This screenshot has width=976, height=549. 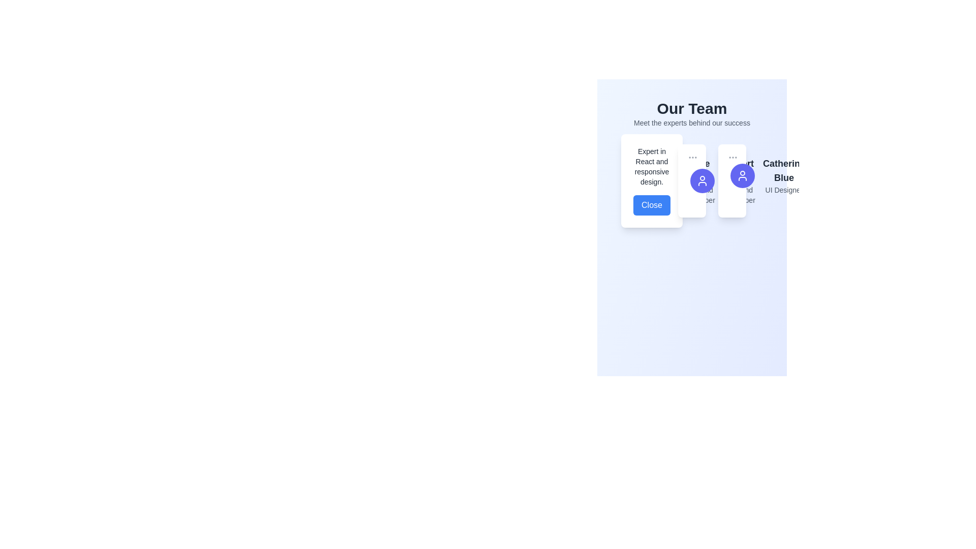 I want to click on informational text block displaying 'Catherine Blue' and 'UI Designer' located in the upper-right quadrant of the card in the 'Meet the experts behind our success' section, so click(x=783, y=175).